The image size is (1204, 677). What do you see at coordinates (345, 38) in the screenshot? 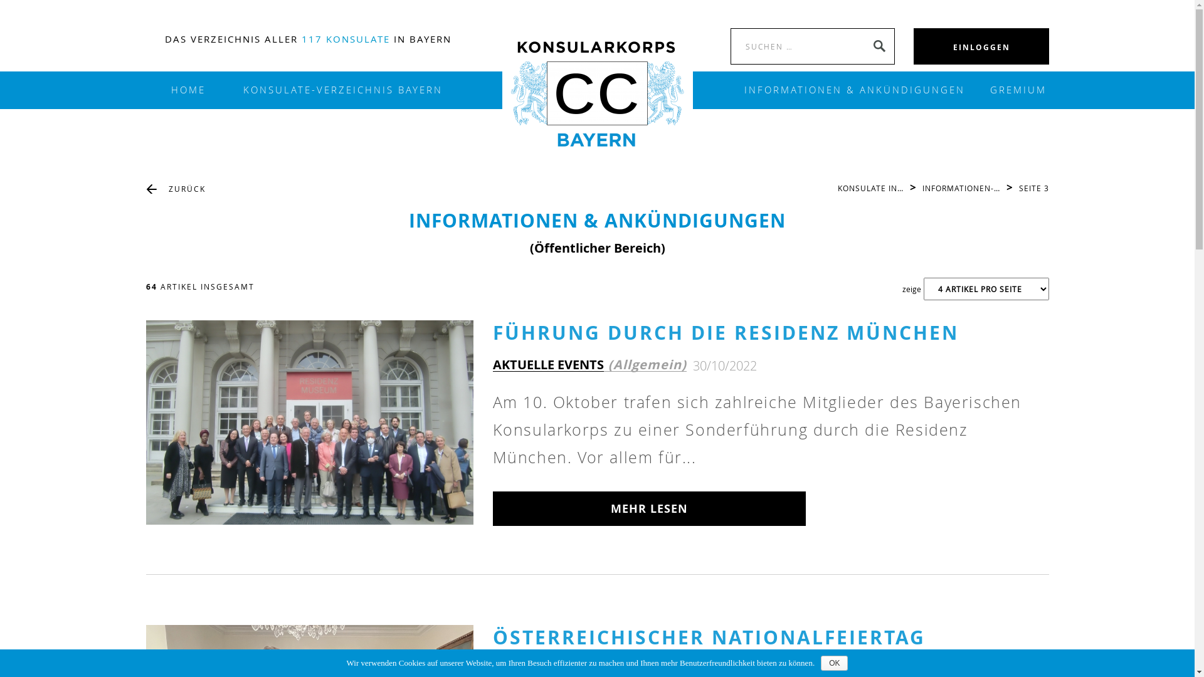
I see `'117 KONSULATE'` at bounding box center [345, 38].